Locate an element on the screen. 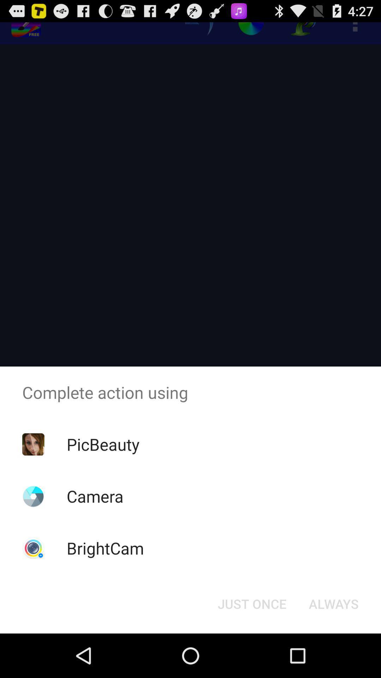 The image size is (381, 678). app below the complete action using app is located at coordinates (103, 444).